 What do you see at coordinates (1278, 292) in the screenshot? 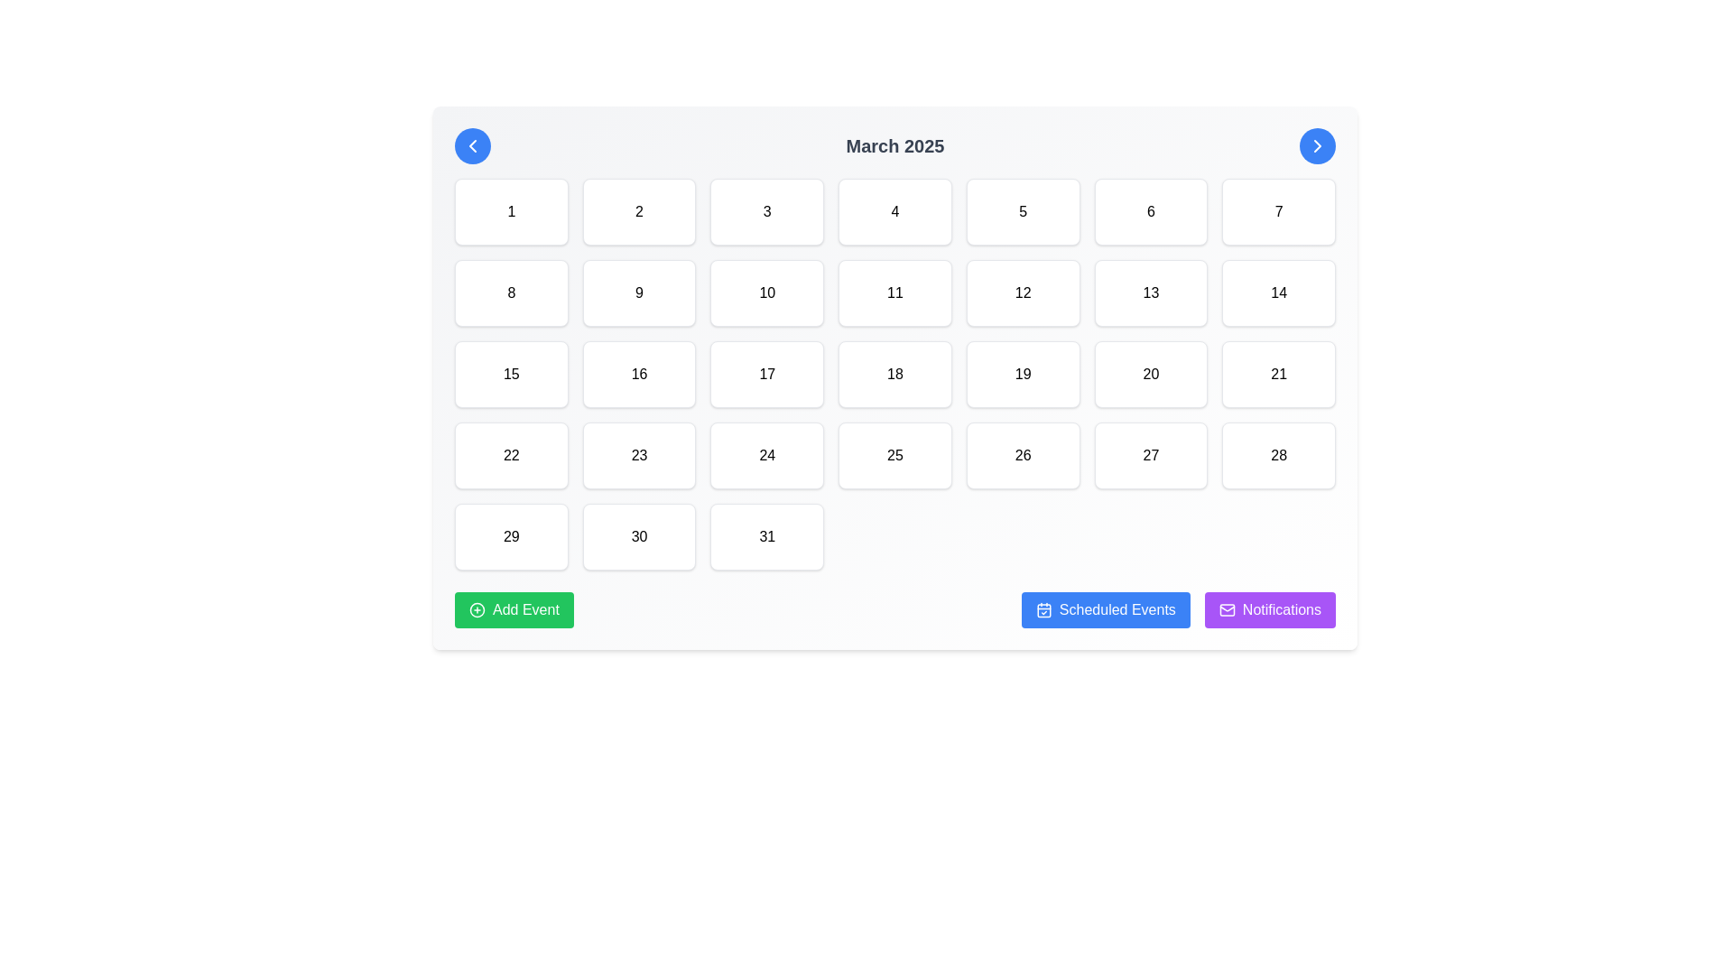
I see `the static text display element styled to resemble a button that represents the date '14' in the calendar grid layout for March 2025` at bounding box center [1278, 292].